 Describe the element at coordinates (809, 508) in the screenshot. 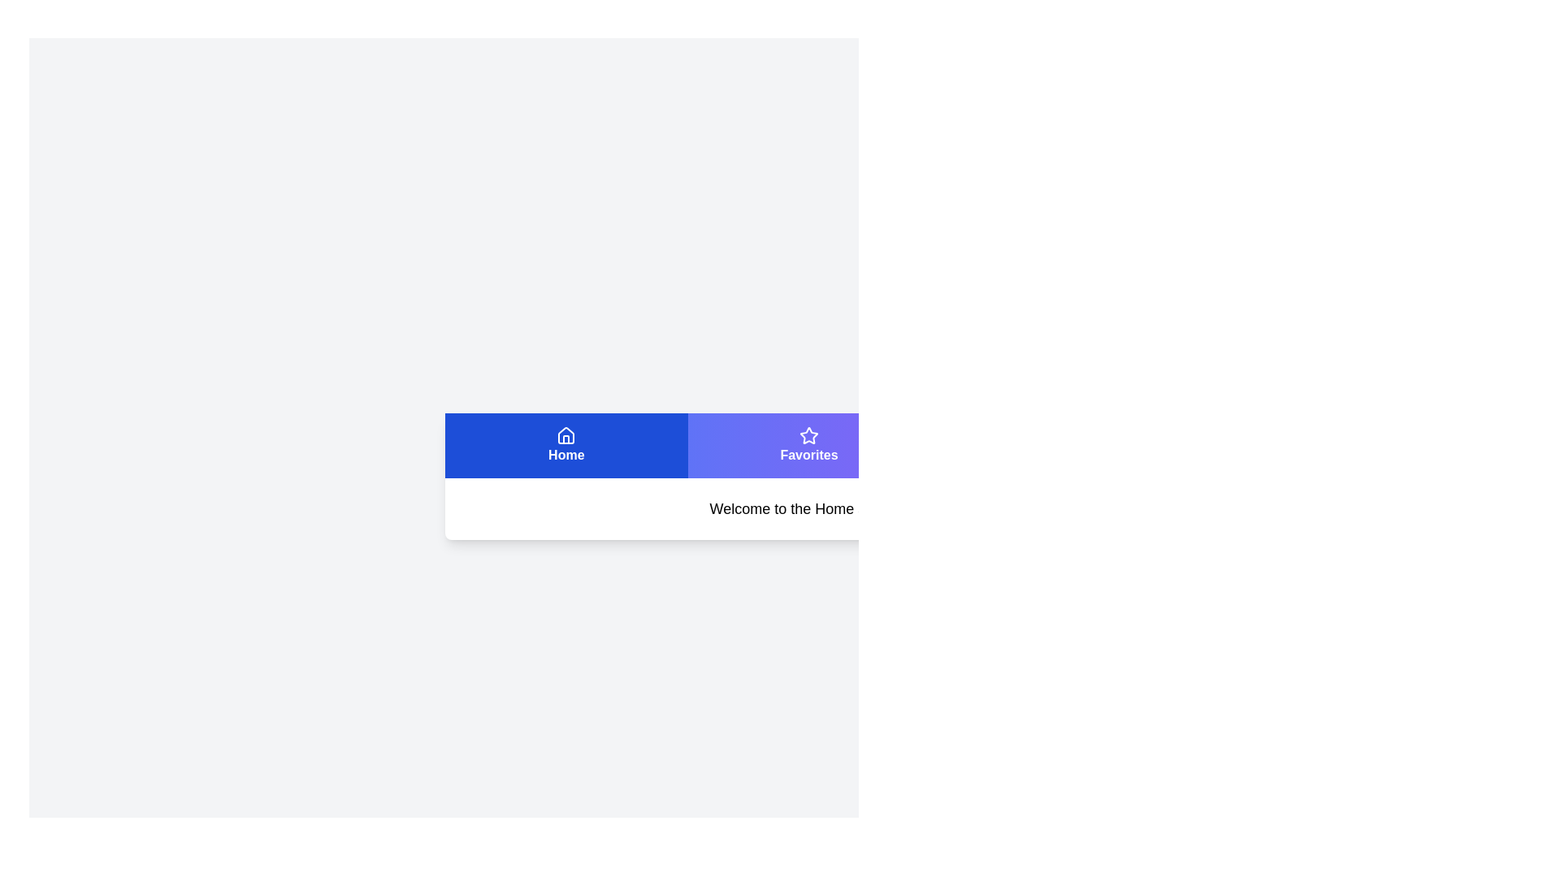

I see `the text block that says 'Welcome to the Home section!' which is centrally aligned below the navigation bar` at that location.